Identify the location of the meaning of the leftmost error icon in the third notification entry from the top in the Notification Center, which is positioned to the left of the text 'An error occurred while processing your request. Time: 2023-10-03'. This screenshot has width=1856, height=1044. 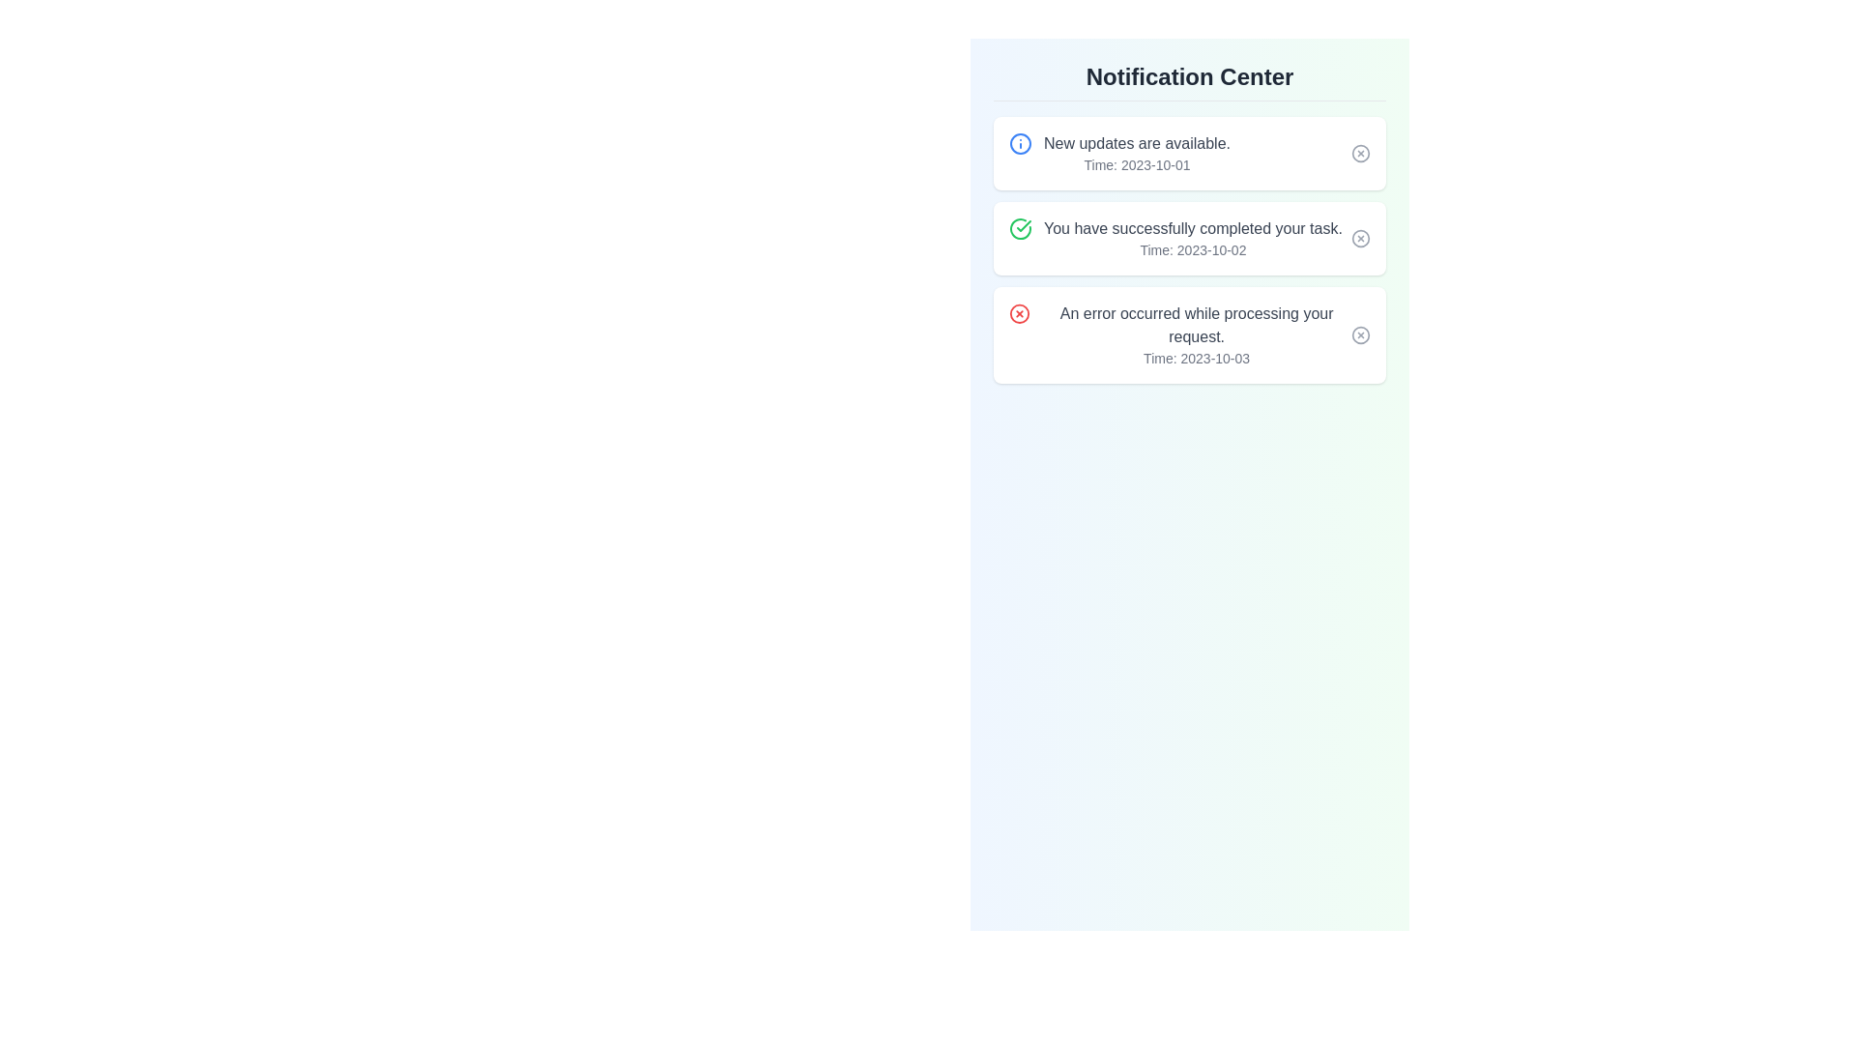
(1019, 312).